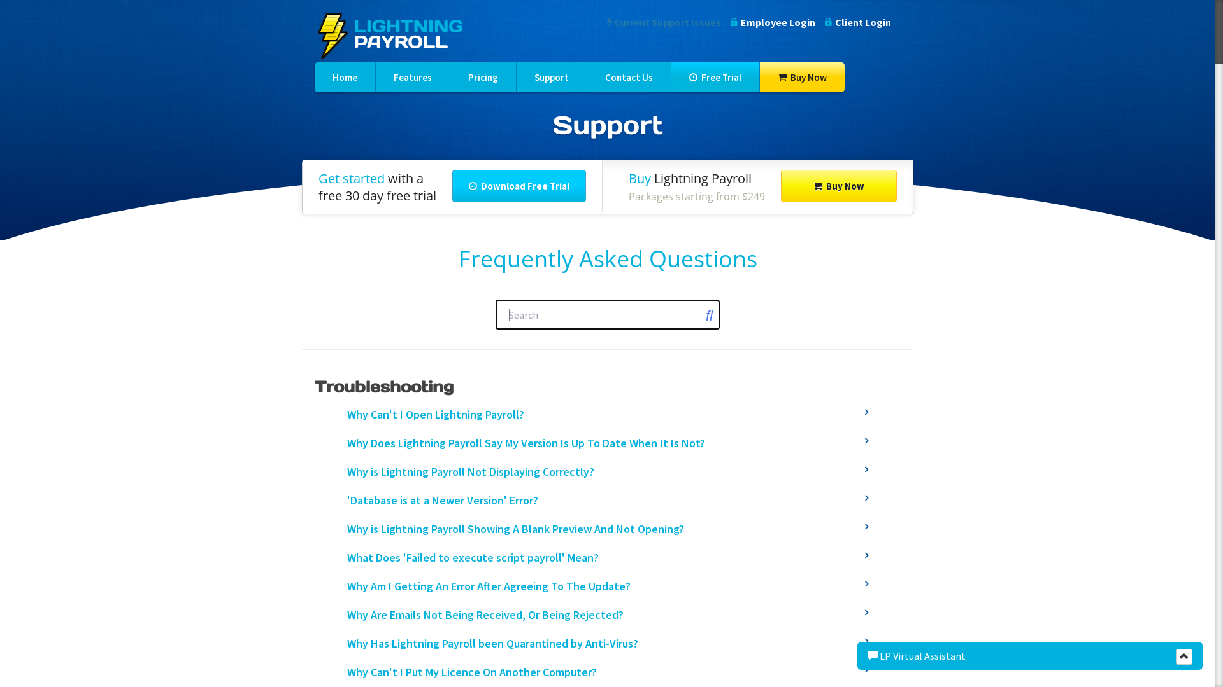 This screenshot has width=1223, height=687. What do you see at coordinates (858, 22) in the screenshot?
I see `'Client Login'` at bounding box center [858, 22].